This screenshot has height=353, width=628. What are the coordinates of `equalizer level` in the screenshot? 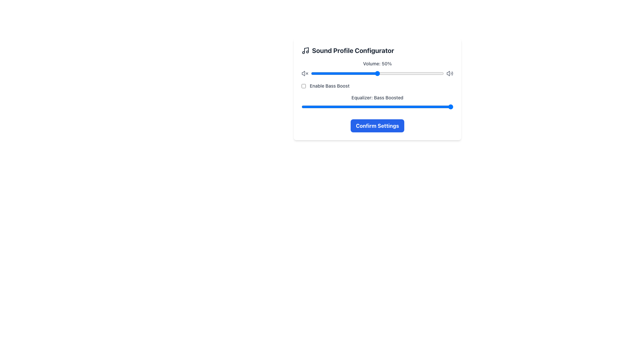 It's located at (352, 107).